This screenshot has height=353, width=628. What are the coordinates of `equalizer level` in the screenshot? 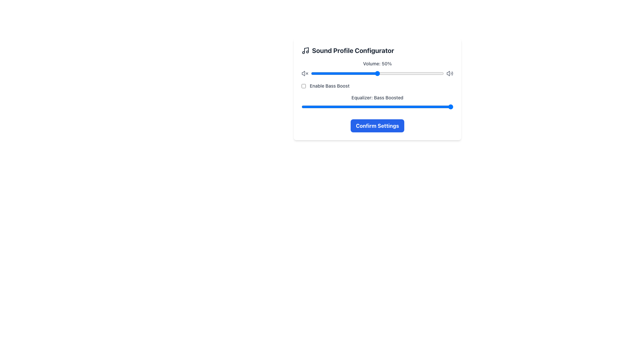 It's located at (352, 107).